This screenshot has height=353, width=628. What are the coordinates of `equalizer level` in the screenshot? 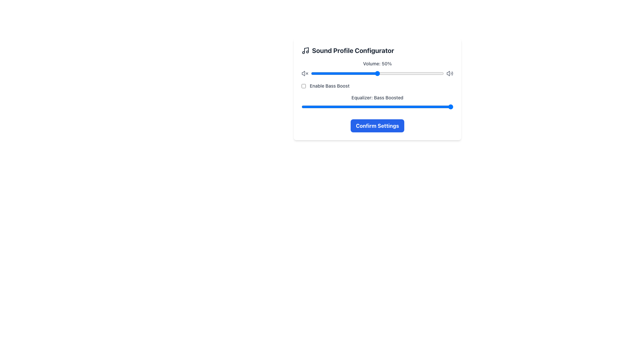 It's located at (352, 107).